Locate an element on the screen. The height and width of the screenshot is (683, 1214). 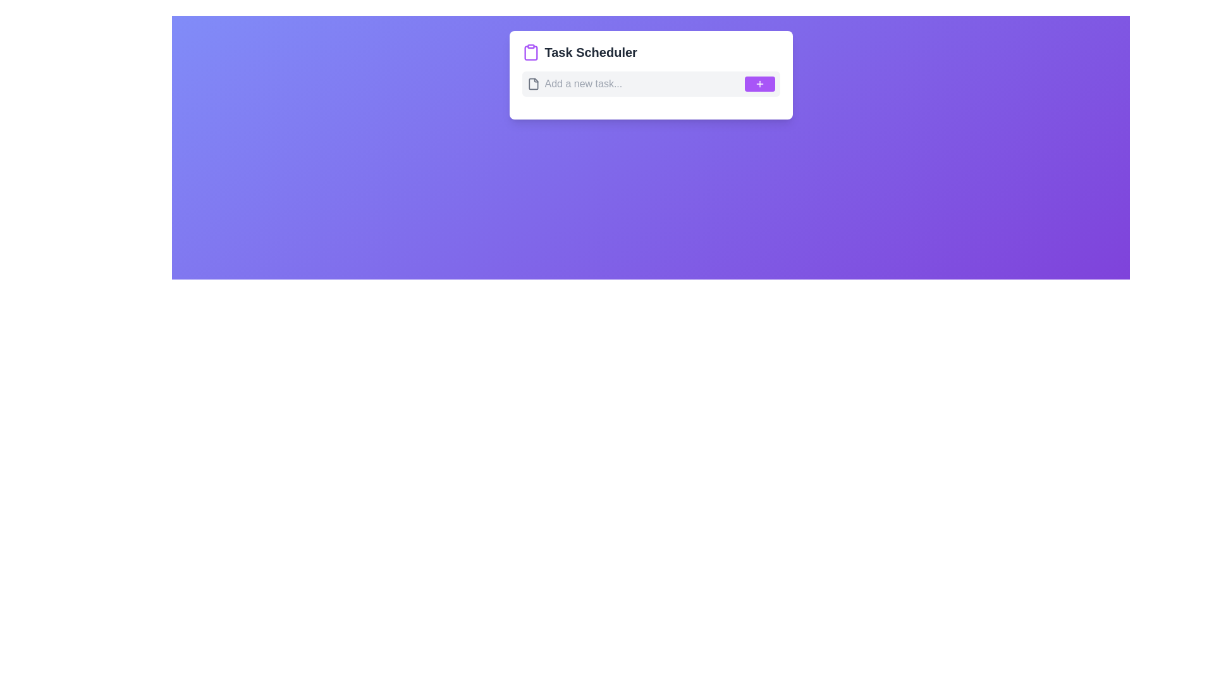
the icon located inside the purple rectangular button is located at coordinates (759, 83).